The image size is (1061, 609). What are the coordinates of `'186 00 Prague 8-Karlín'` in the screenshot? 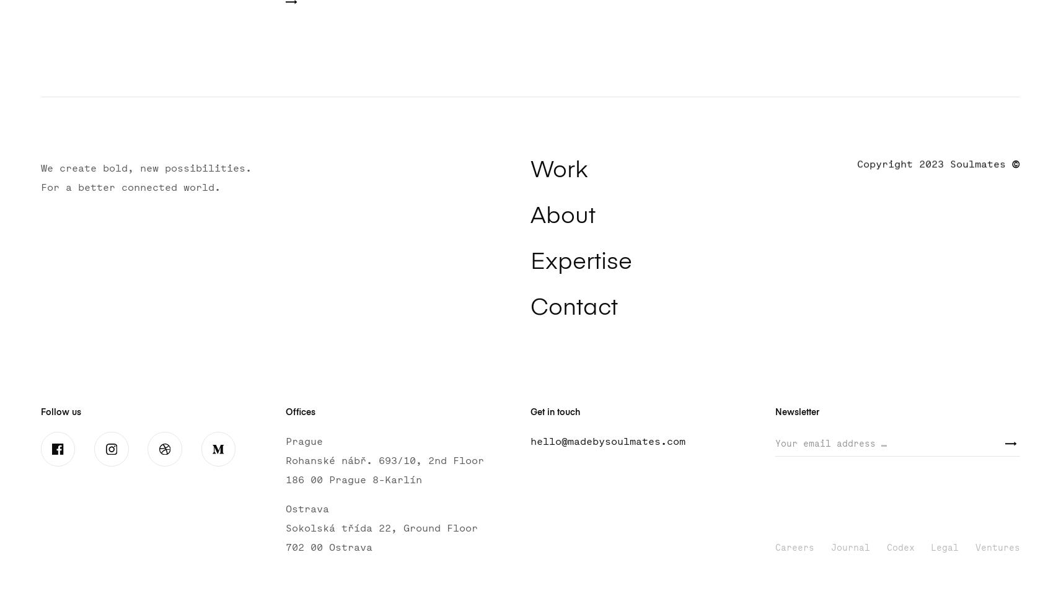 It's located at (284, 479).